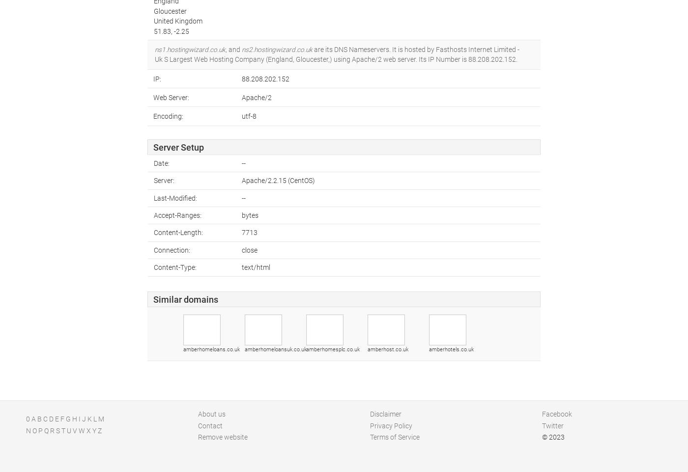  Describe the element at coordinates (153, 215) in the screenshot. I see `'Accept-Ranges:'` at that location.